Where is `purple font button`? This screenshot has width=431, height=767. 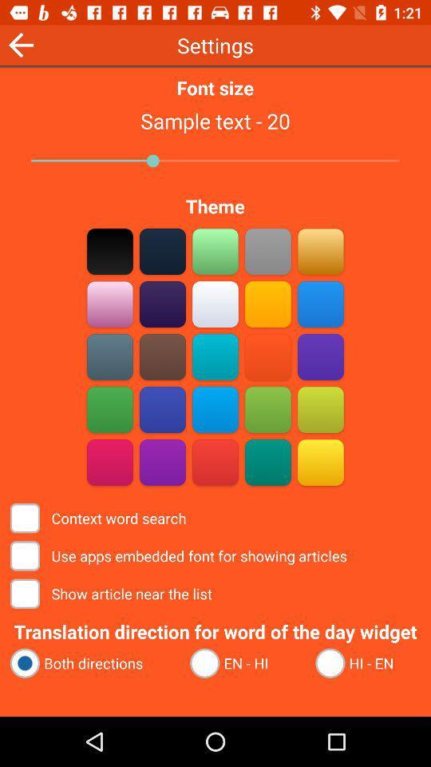
purple font button is located at coordinates (109, 304).